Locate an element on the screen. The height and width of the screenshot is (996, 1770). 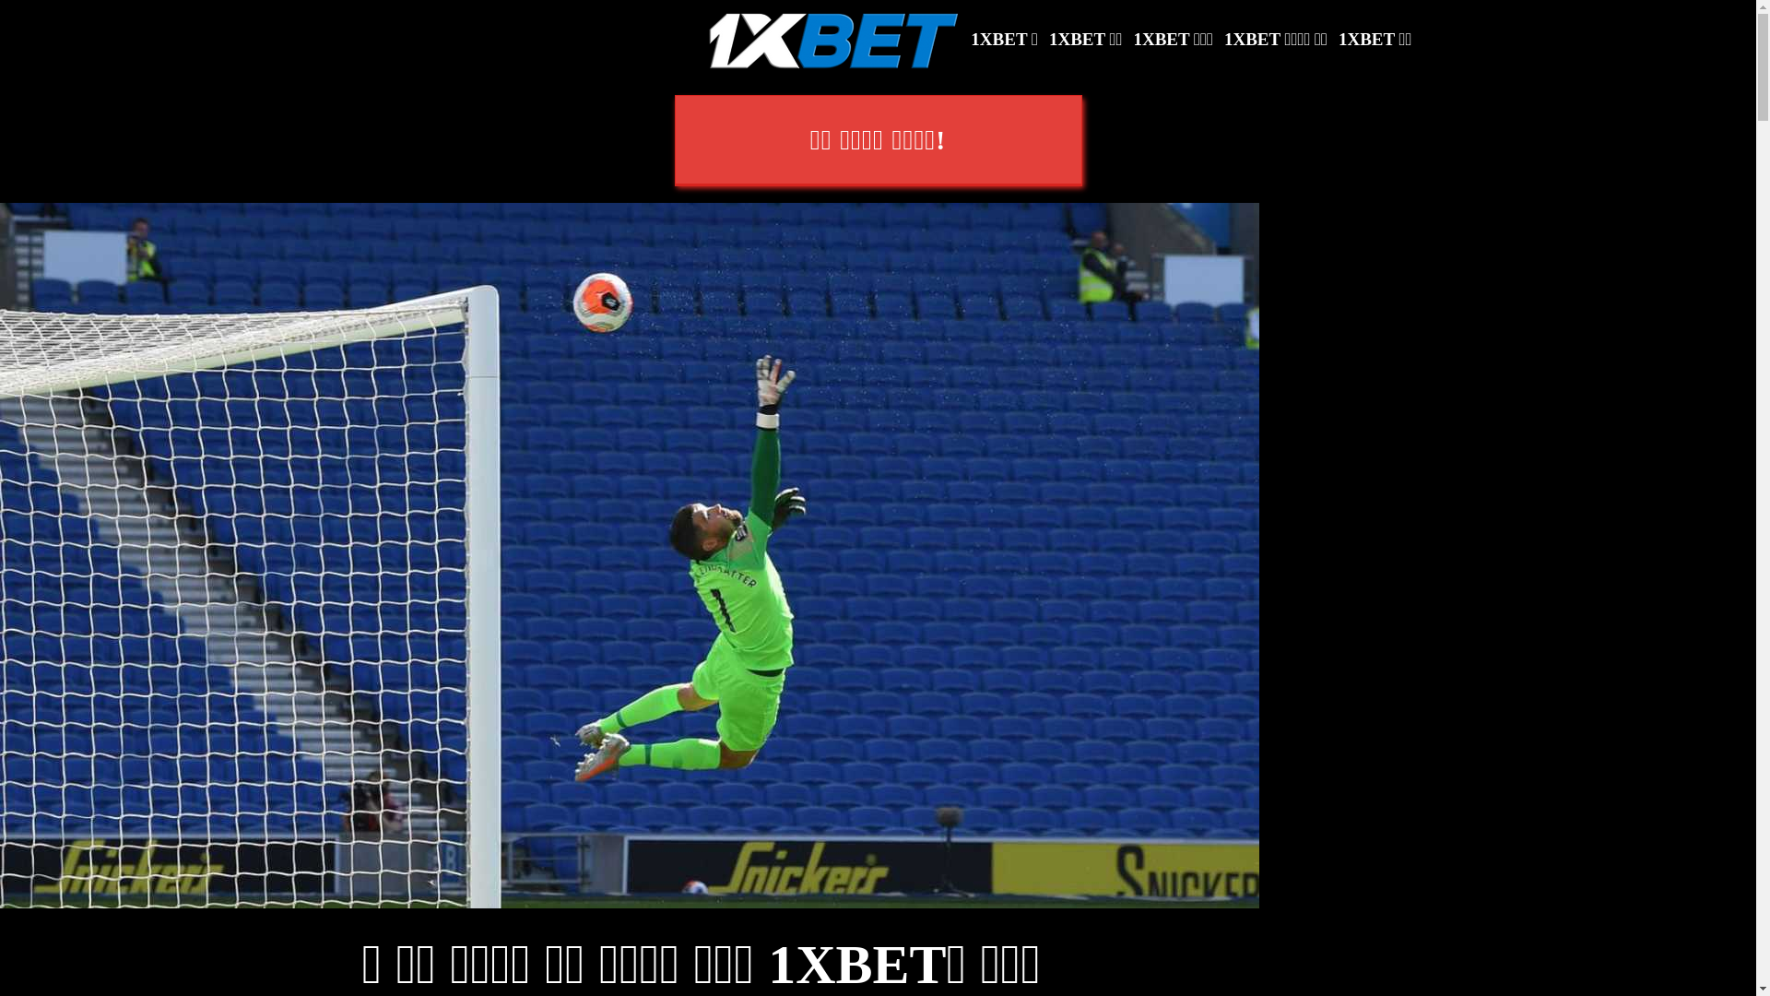
'SKIP TO CONTENT' is located at coordinates (0, 0).